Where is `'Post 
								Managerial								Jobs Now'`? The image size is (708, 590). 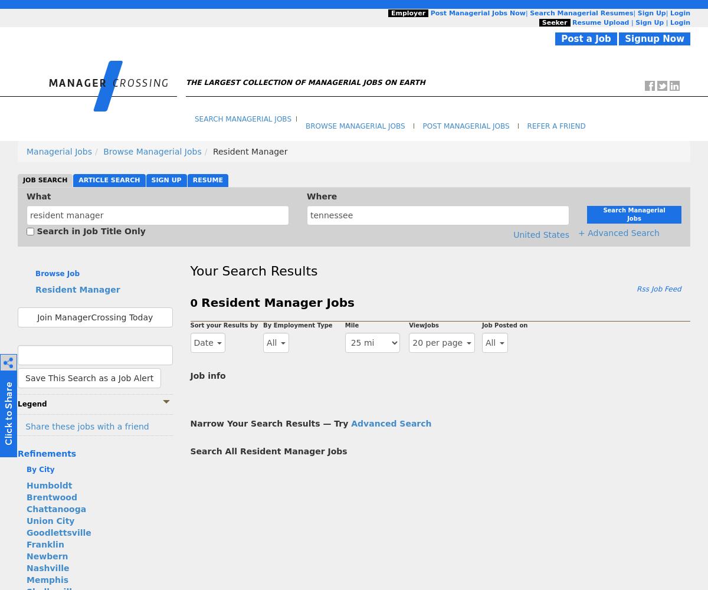
'Post 
								Managerial								Jobs Now' is located at coordinates (477, 13).